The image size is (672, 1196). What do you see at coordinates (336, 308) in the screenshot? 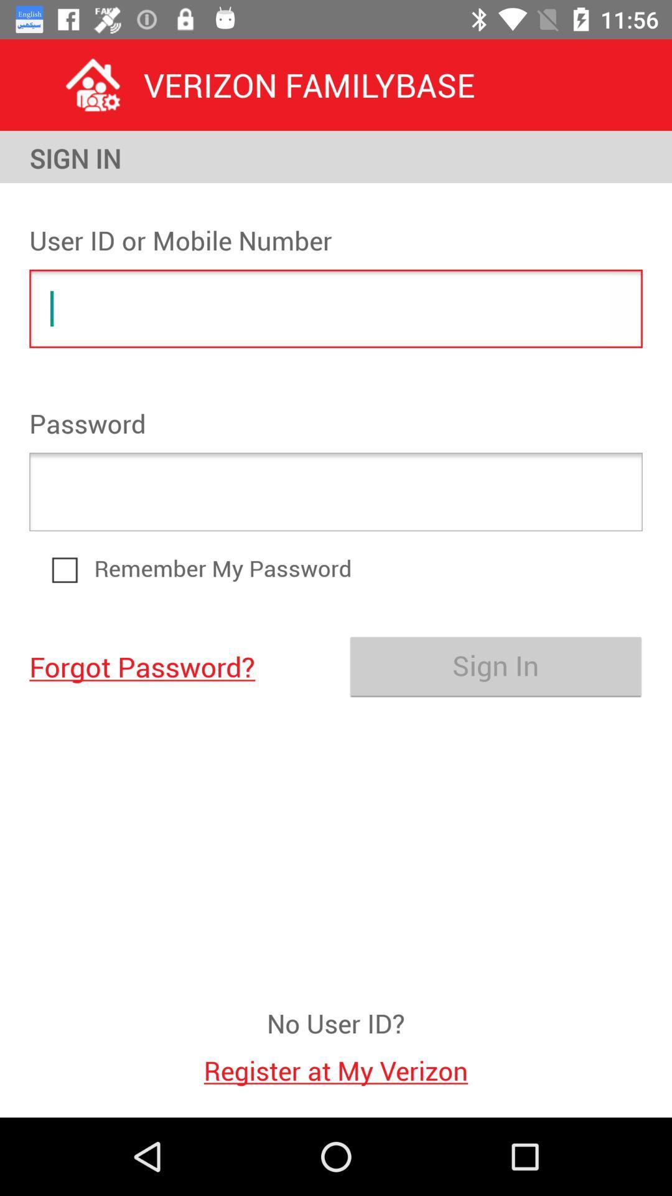
I see `move cursor to id box` at bounding box center [336, 308].